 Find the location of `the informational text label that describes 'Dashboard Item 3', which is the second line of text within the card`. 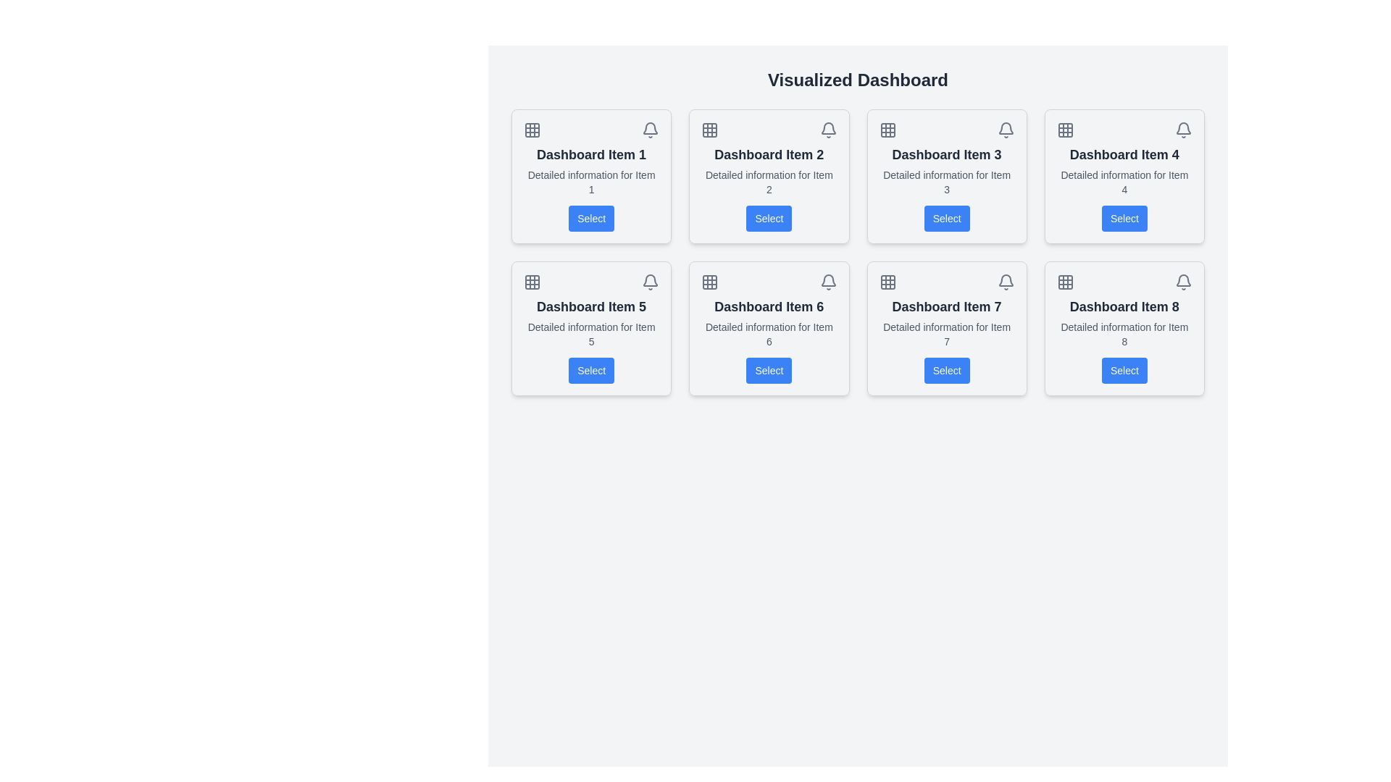

the informational text label that describes 'Dashboard Item 3', which is the second line of text within the card is located at coordinates (947, 181).